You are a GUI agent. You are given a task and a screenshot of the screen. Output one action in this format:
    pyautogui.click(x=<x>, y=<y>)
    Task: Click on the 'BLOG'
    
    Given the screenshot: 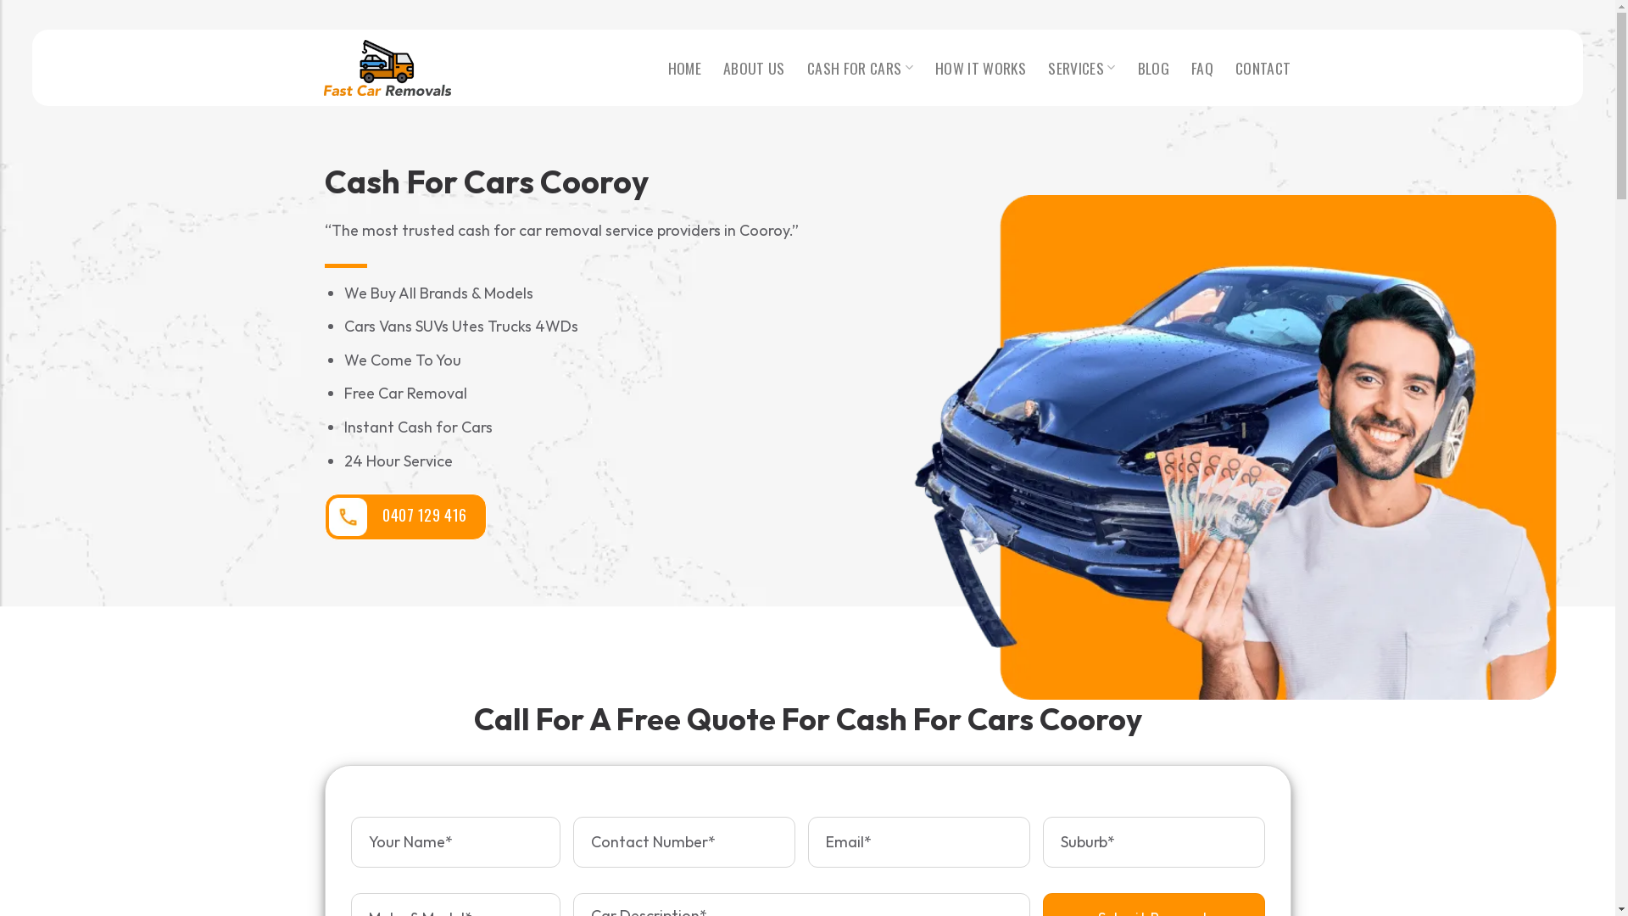 What is the action you would take?
    pyautogui.click(x=1153, y=67)
    